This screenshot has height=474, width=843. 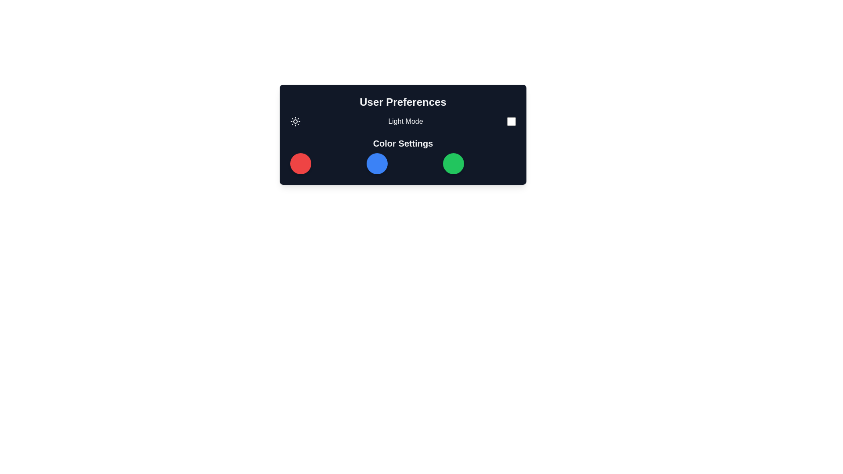 What do you see at coordinates (295, 122) in the screenshot?
I see `the sun icon located to the left of the 'Light Mode' text in the 'User Preferences' section` at bounding box center [295, 122].